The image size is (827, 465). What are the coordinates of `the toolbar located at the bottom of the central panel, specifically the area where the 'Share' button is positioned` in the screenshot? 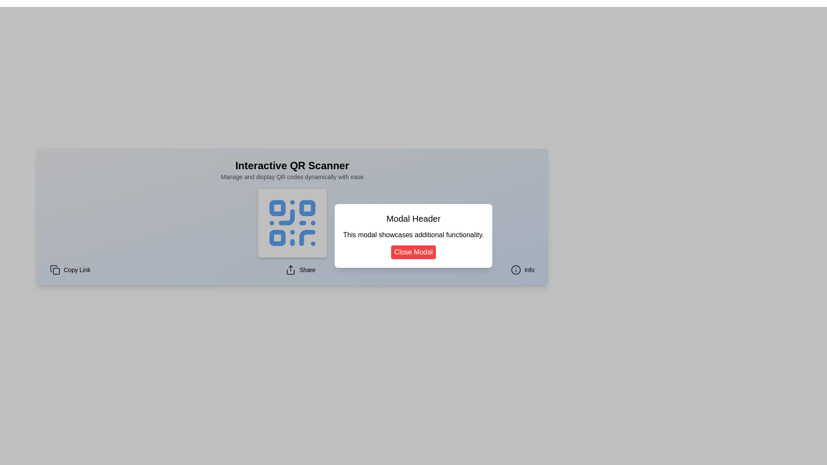 It's located at (292, 270).